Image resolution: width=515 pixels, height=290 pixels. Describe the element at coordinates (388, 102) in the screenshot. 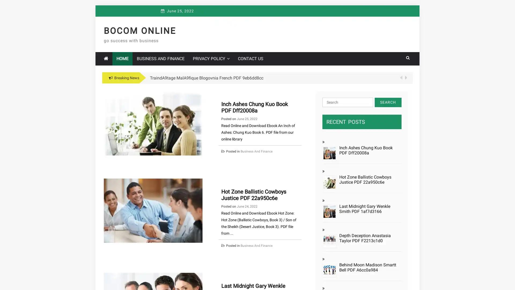

I see `Search` at that location.